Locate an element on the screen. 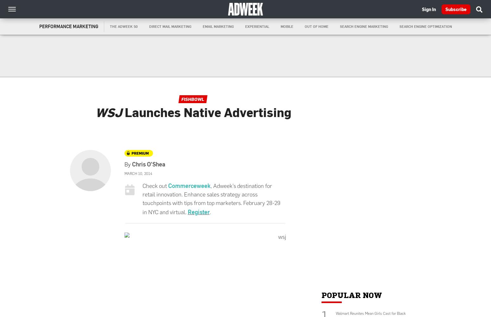  'Mobile' is located at coordinates (287, 26).